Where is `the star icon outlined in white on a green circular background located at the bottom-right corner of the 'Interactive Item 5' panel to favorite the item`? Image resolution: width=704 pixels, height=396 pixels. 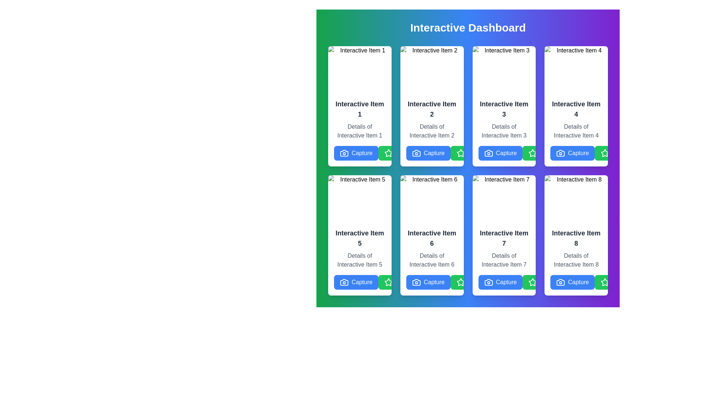
the star icon outlined in white on a green circular background located at the bottom-right corner of the 'Interactive Item 5' panel to favorite the item is located at coordinates (388, 282).